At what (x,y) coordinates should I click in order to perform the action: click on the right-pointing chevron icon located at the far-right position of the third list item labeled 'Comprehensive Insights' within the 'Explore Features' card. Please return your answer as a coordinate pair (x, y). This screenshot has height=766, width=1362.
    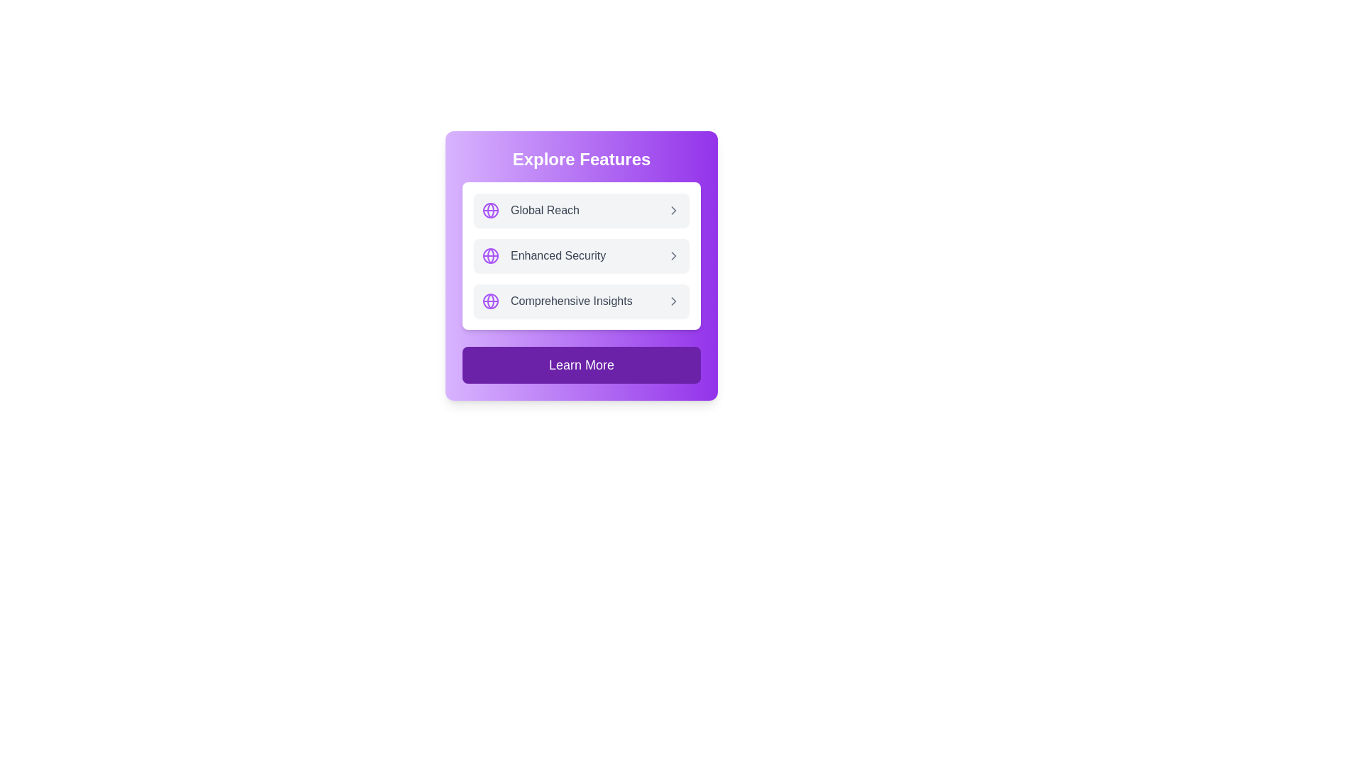
    Looking at the image, I should click on (673, 300).